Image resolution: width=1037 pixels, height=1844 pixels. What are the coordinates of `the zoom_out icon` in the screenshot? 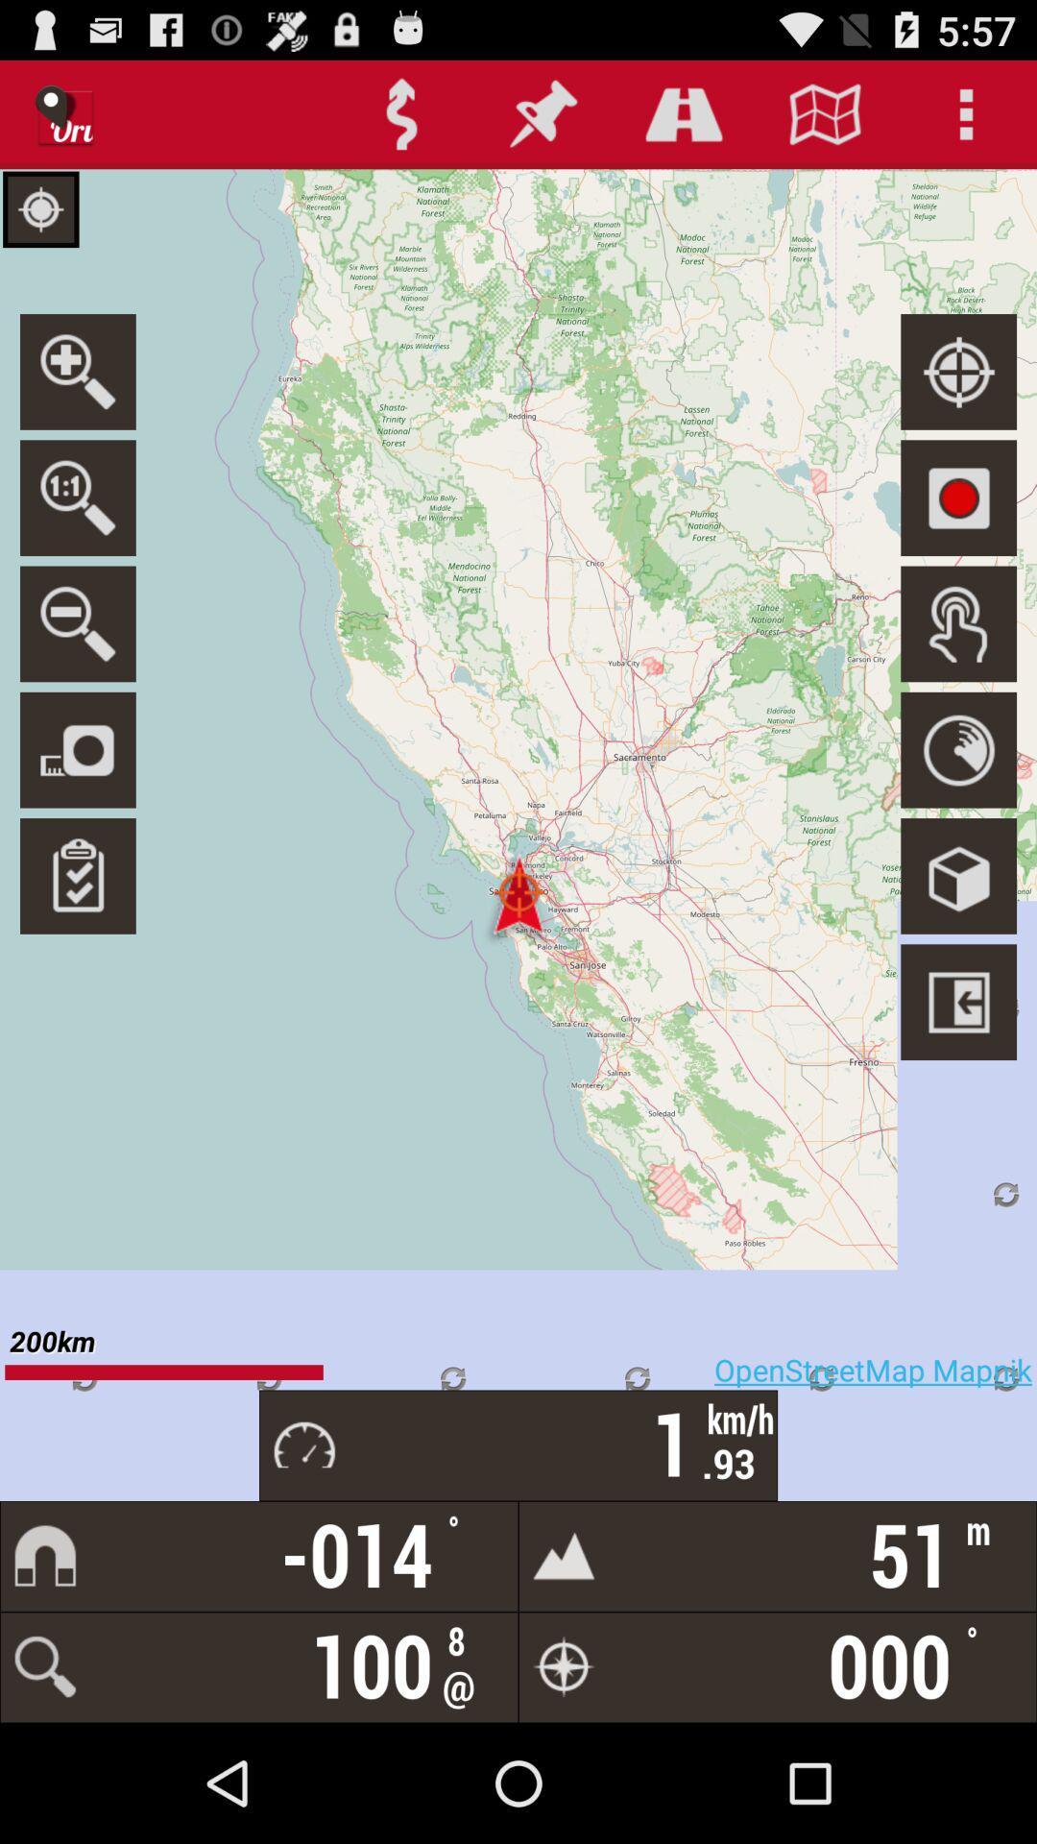 It's located at (77, 667).